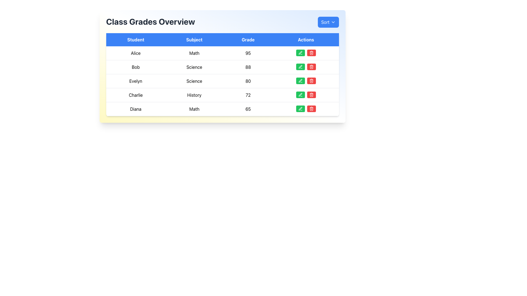 The height and width of the screenshot is (296, 527). I want to click on the edit button located in the 'Actions' column of the third row in the table, which is adjacent to a red delete button, so click(300, 81).